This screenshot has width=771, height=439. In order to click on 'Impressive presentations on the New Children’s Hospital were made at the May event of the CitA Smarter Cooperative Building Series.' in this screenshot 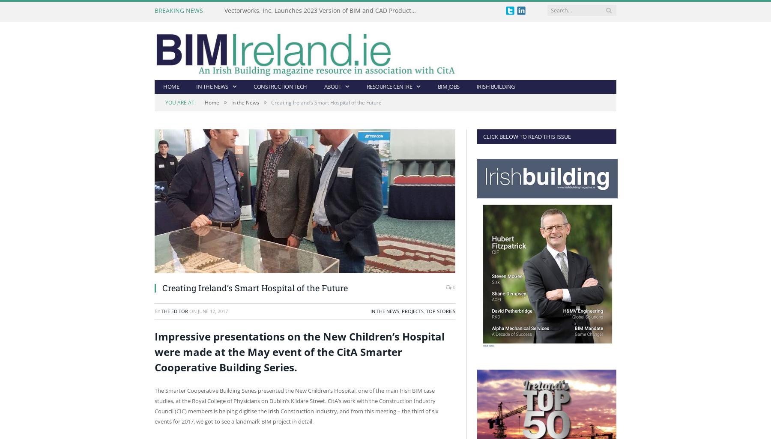, I will do `click(299, 351)`.